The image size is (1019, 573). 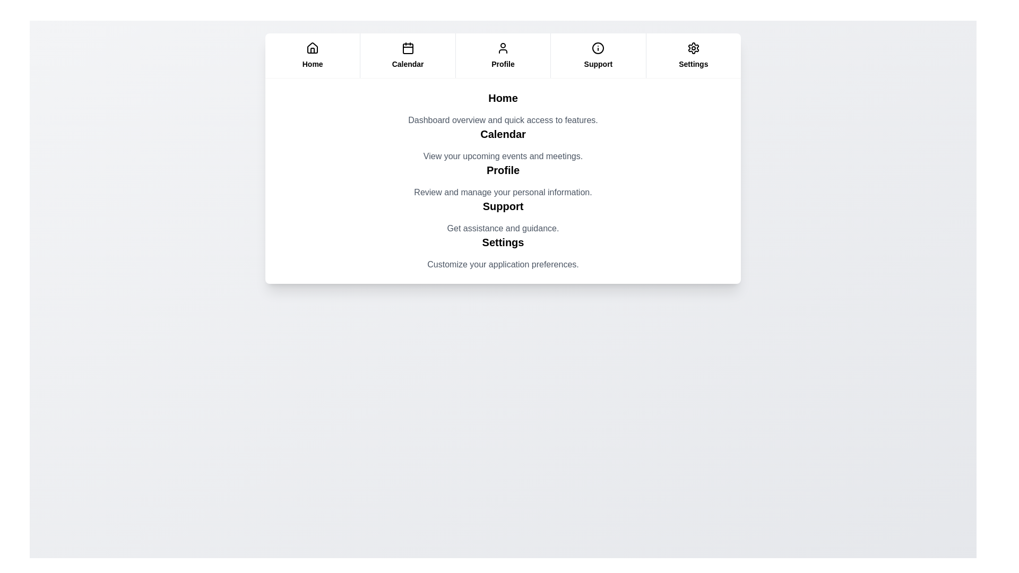 I want to click on the 'Settings' text block, which is the fifth section in the vertical list and provides information about configuring application preferences, to focus on it, so click(x=503, y=253).